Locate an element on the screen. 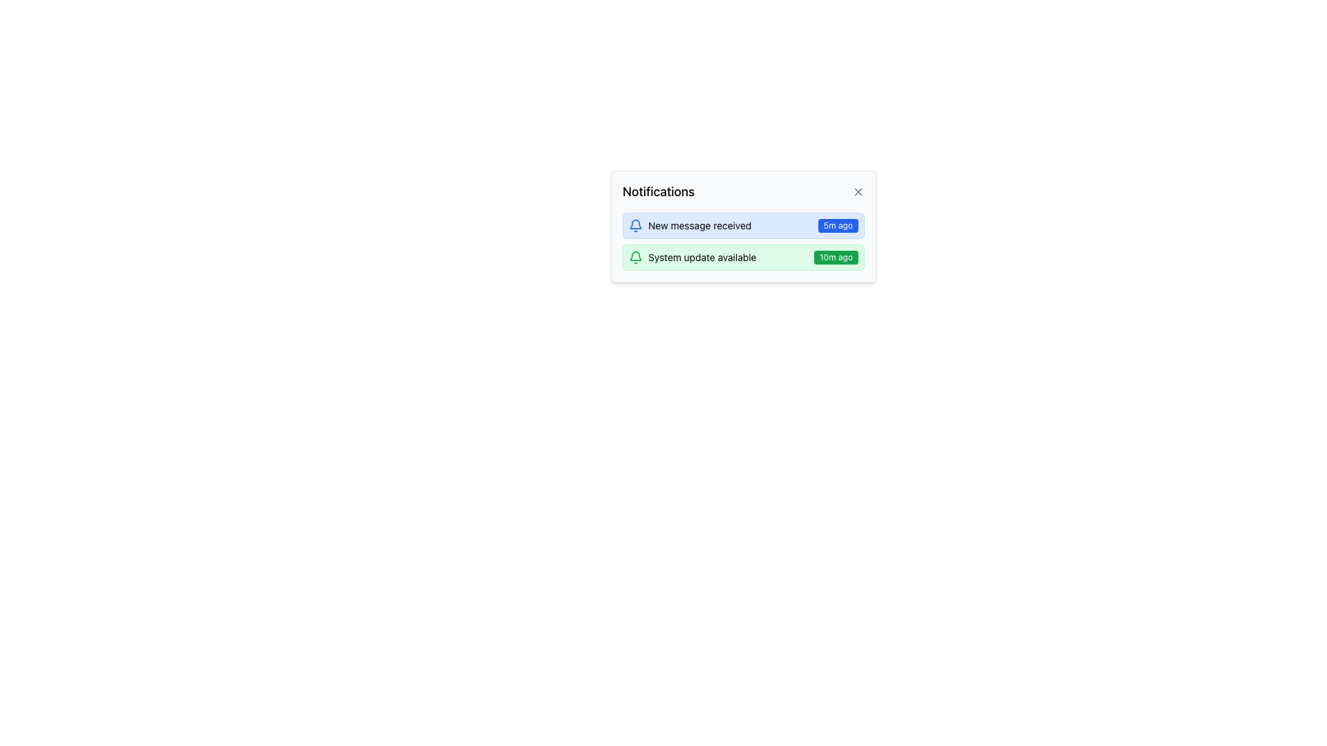  the blue badge label displaying '5m ago', which is aligned to the right of the 'New message received' text in the notification entry is located at coordinates (837, 225).